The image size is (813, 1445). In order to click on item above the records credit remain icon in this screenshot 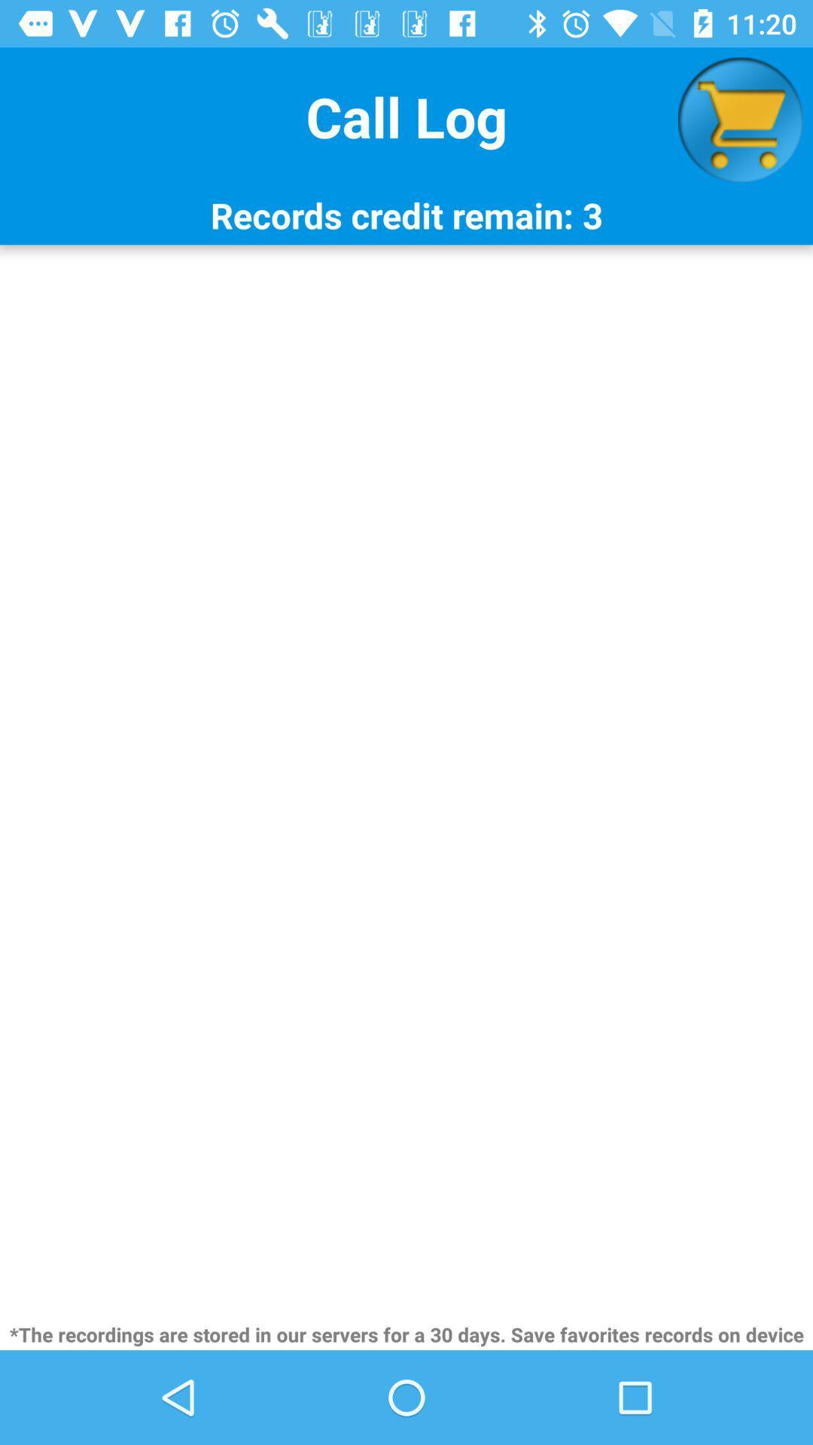, I will do `click(739, 119)`.